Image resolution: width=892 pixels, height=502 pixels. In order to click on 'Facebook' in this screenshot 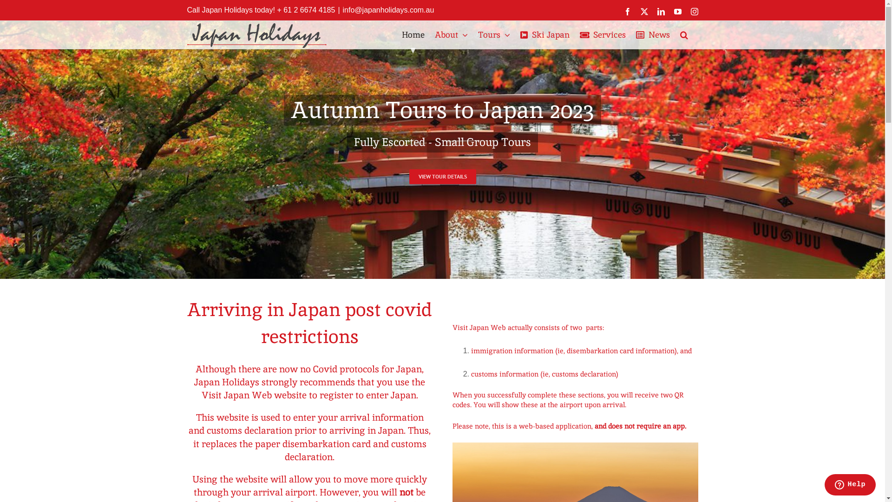, I will do `click(627, 11)`.